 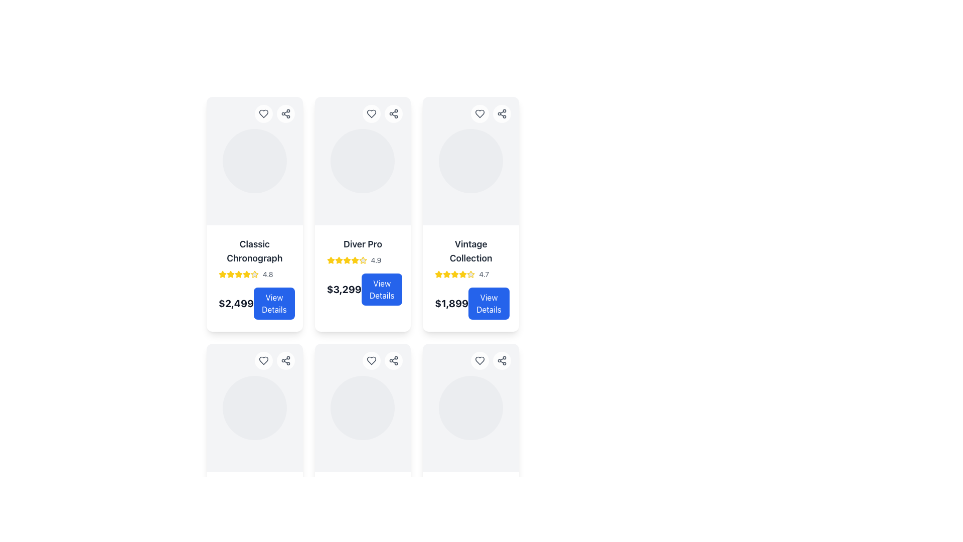 What do you see at coordinates (263, 113) in the screenshot?
I see `the button located in the top-right corner of the 'Classic Chronograph' product card to change the icon color` at bounding box center [263, 113].